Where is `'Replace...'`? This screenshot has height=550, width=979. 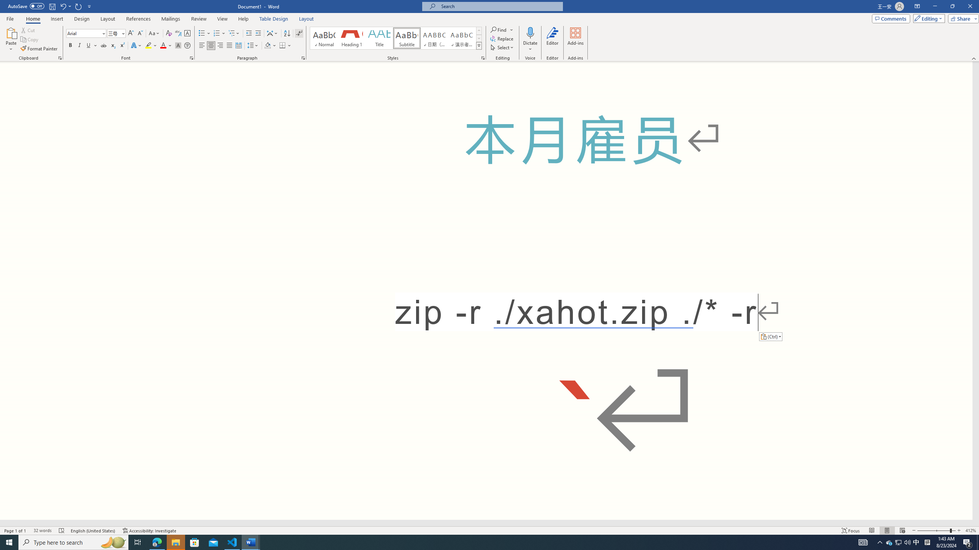 'Replace...' is located at coordinates (502, 38).